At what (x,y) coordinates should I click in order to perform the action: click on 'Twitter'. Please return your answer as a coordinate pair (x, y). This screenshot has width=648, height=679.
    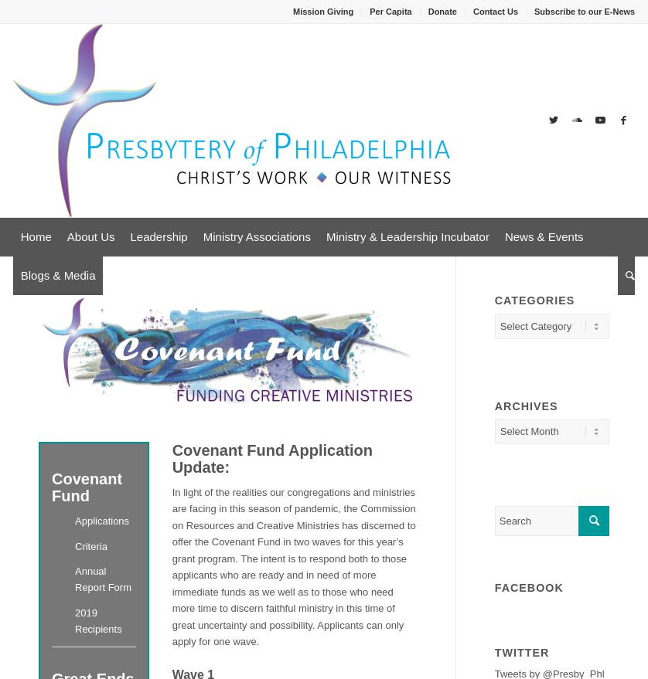
    Looking at the image, I should click on (520, 652).